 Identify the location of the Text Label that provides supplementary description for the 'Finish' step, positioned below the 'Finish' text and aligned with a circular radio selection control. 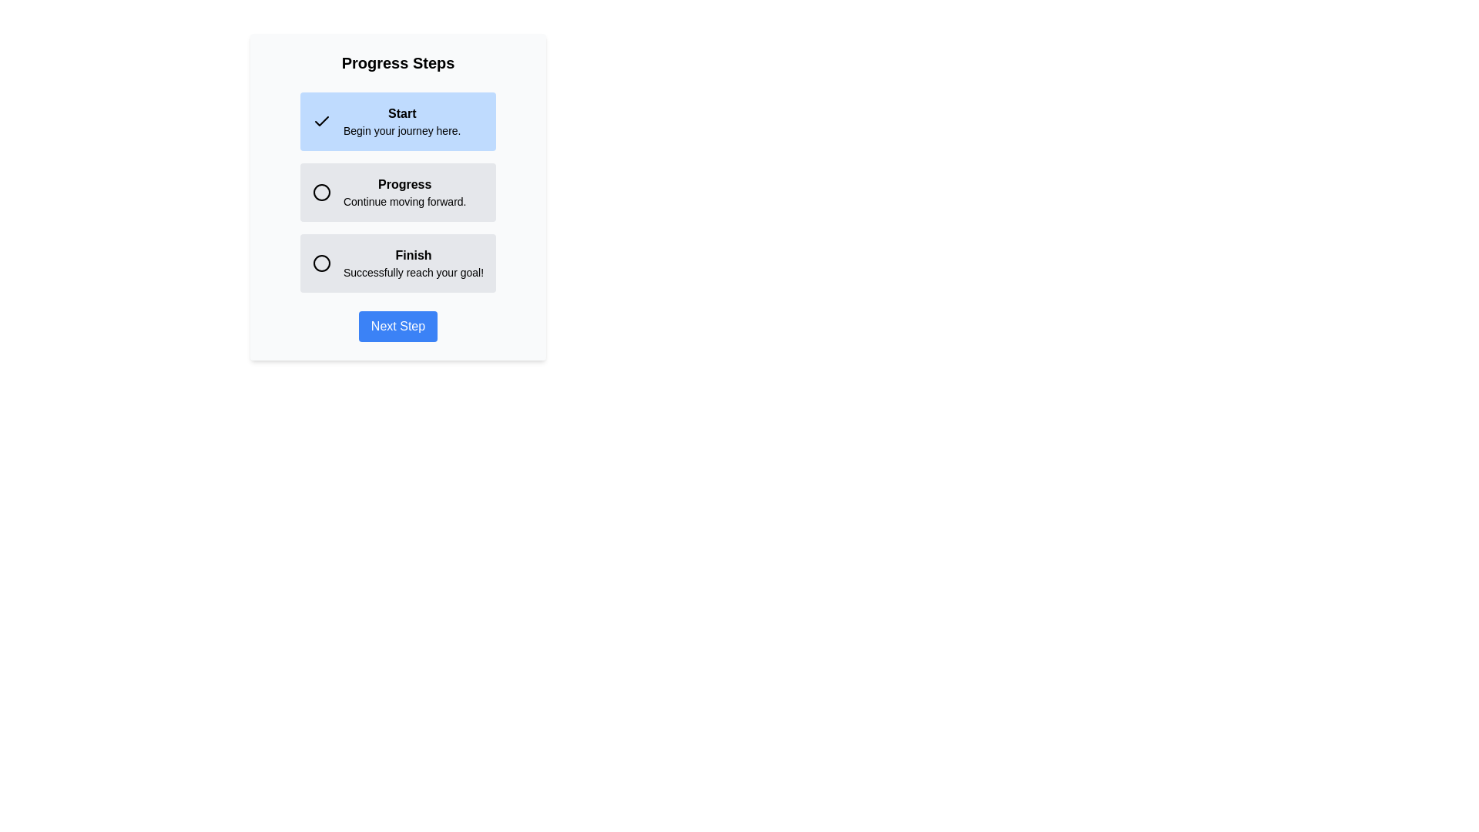
(414, 272).